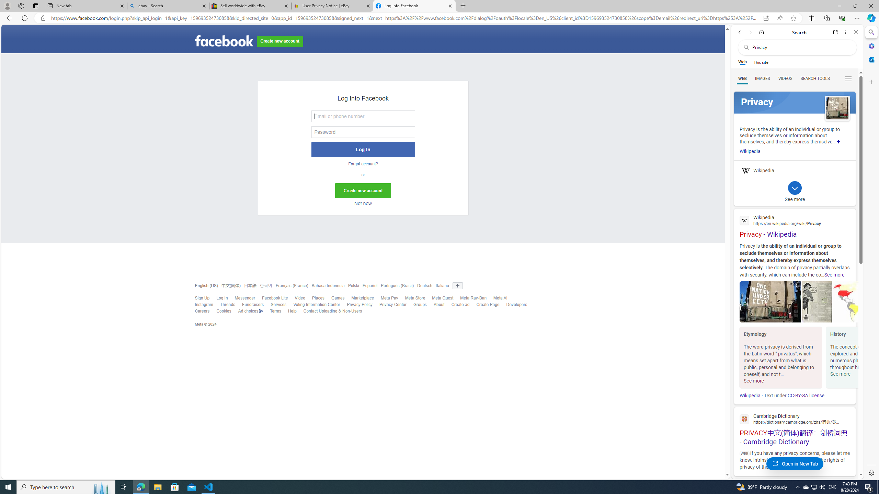 Image resolution: width=879 pixels, height=494 pixels. What do you see at coordinates (416, 305) in the screenshot?
I see `'Groups'` at bounding box center [416, 305].